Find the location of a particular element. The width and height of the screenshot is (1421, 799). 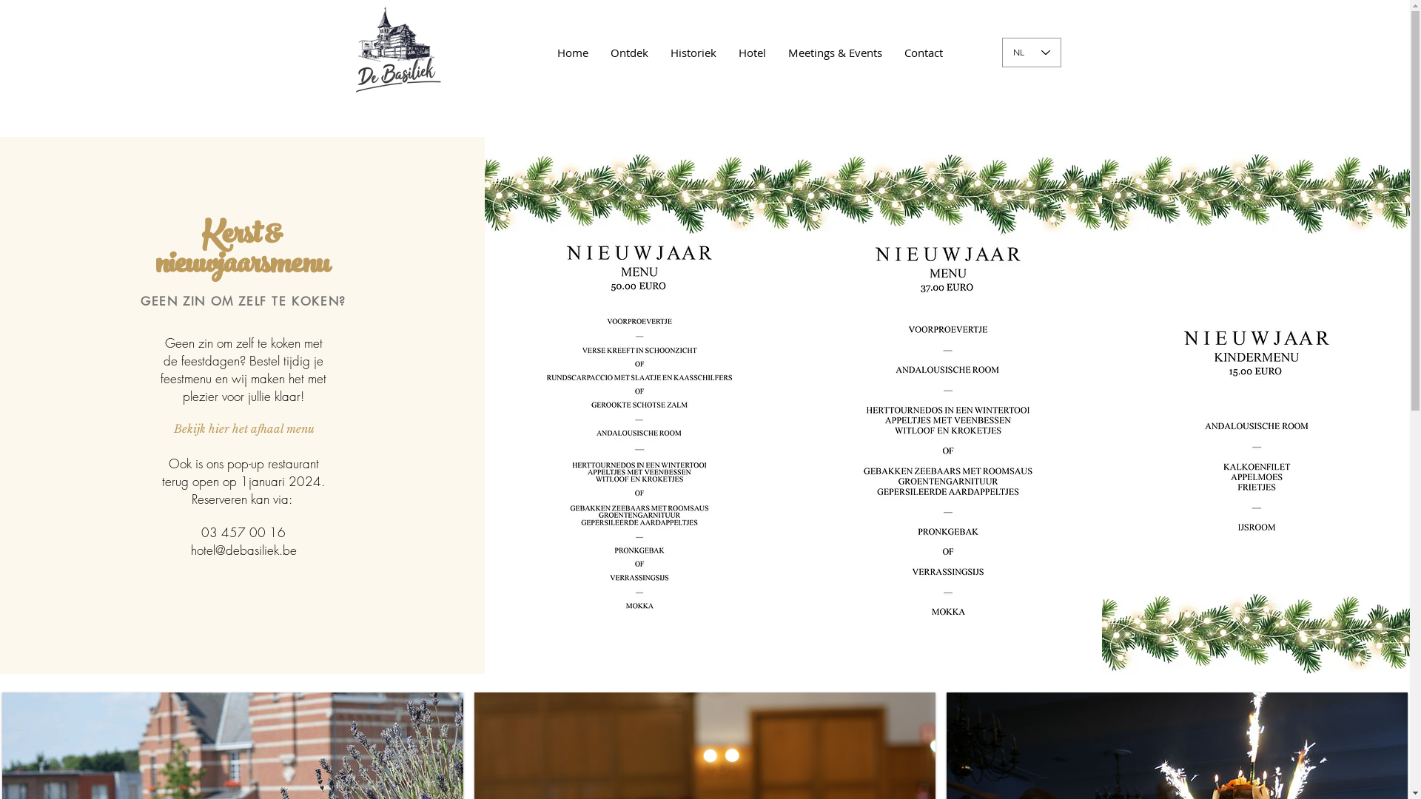

'Historiek' is located at coordinates (692, 51).